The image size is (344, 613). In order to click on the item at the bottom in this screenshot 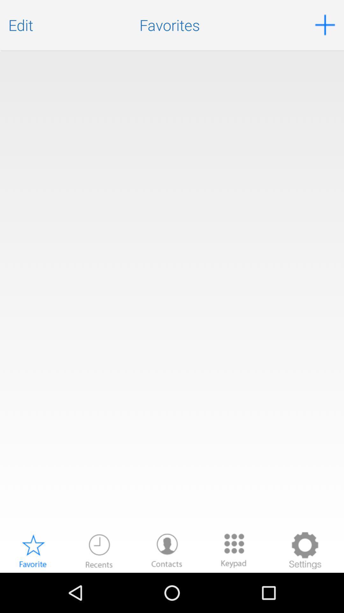, I will do `click(167, 550)`.